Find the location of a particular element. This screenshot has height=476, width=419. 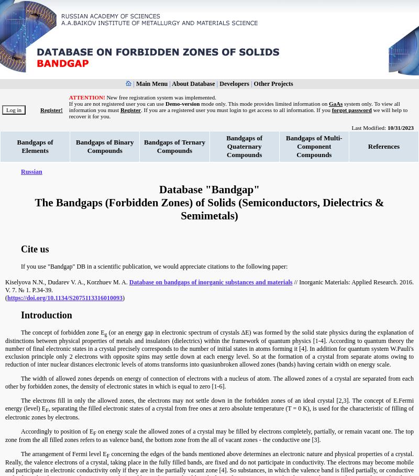

'Accordingly to position of E' is located at coordinates (57, 431).